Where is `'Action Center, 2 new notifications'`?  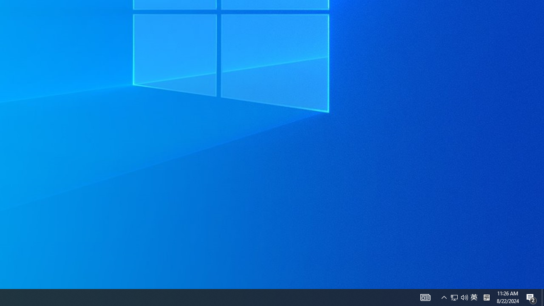 'Action Center, 2 new notifications' is located at coordinates (531, 297).